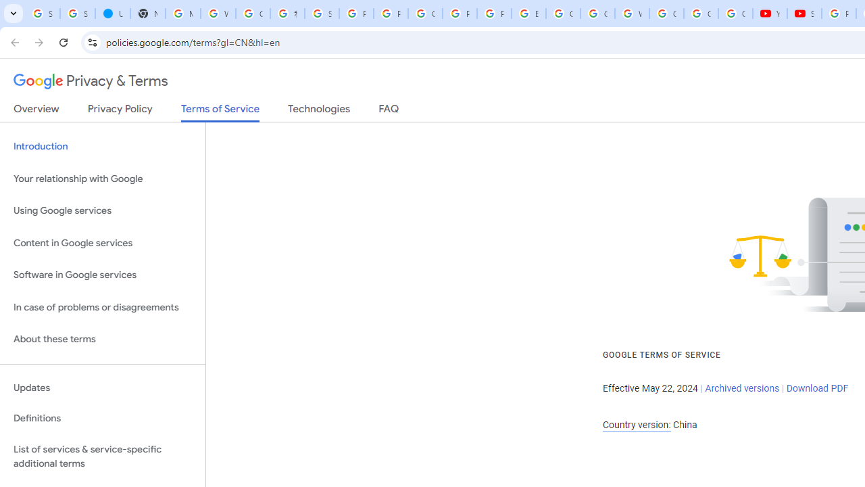 This screenshot has width=865, height=487. Describe the element at coordinates (631, 14) in the screenshot. I see `'Welcome to My Activity'` at that location.